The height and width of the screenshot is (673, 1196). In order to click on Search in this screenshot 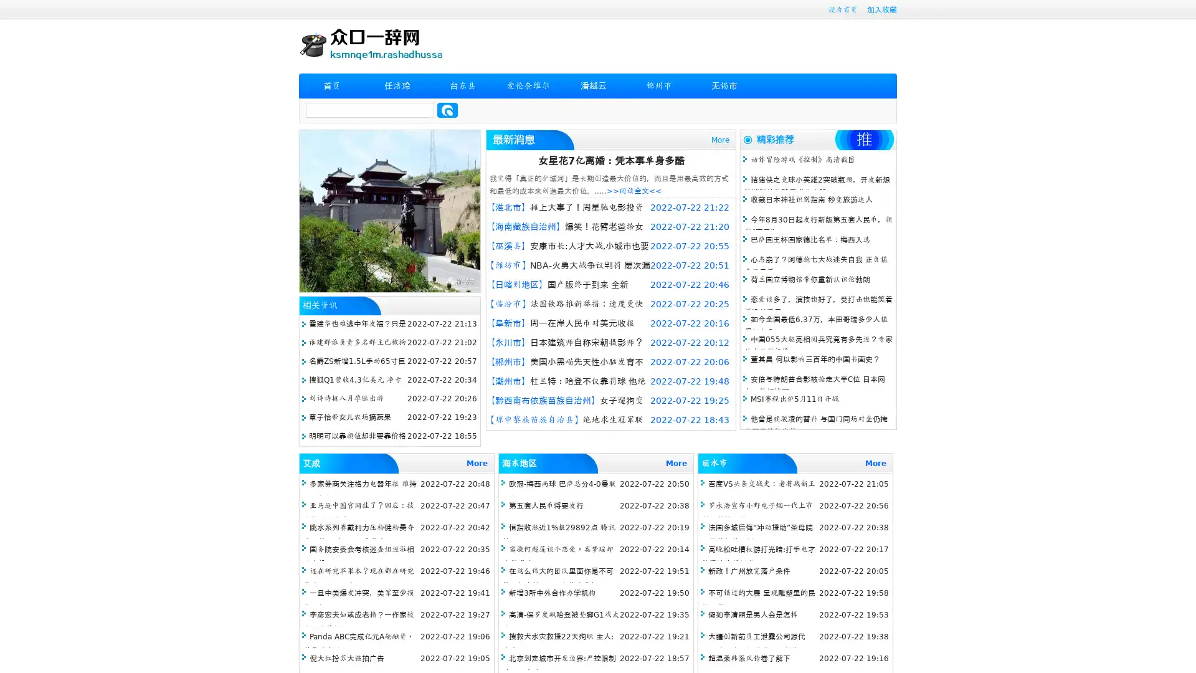, I will do `click(447, 110)`.